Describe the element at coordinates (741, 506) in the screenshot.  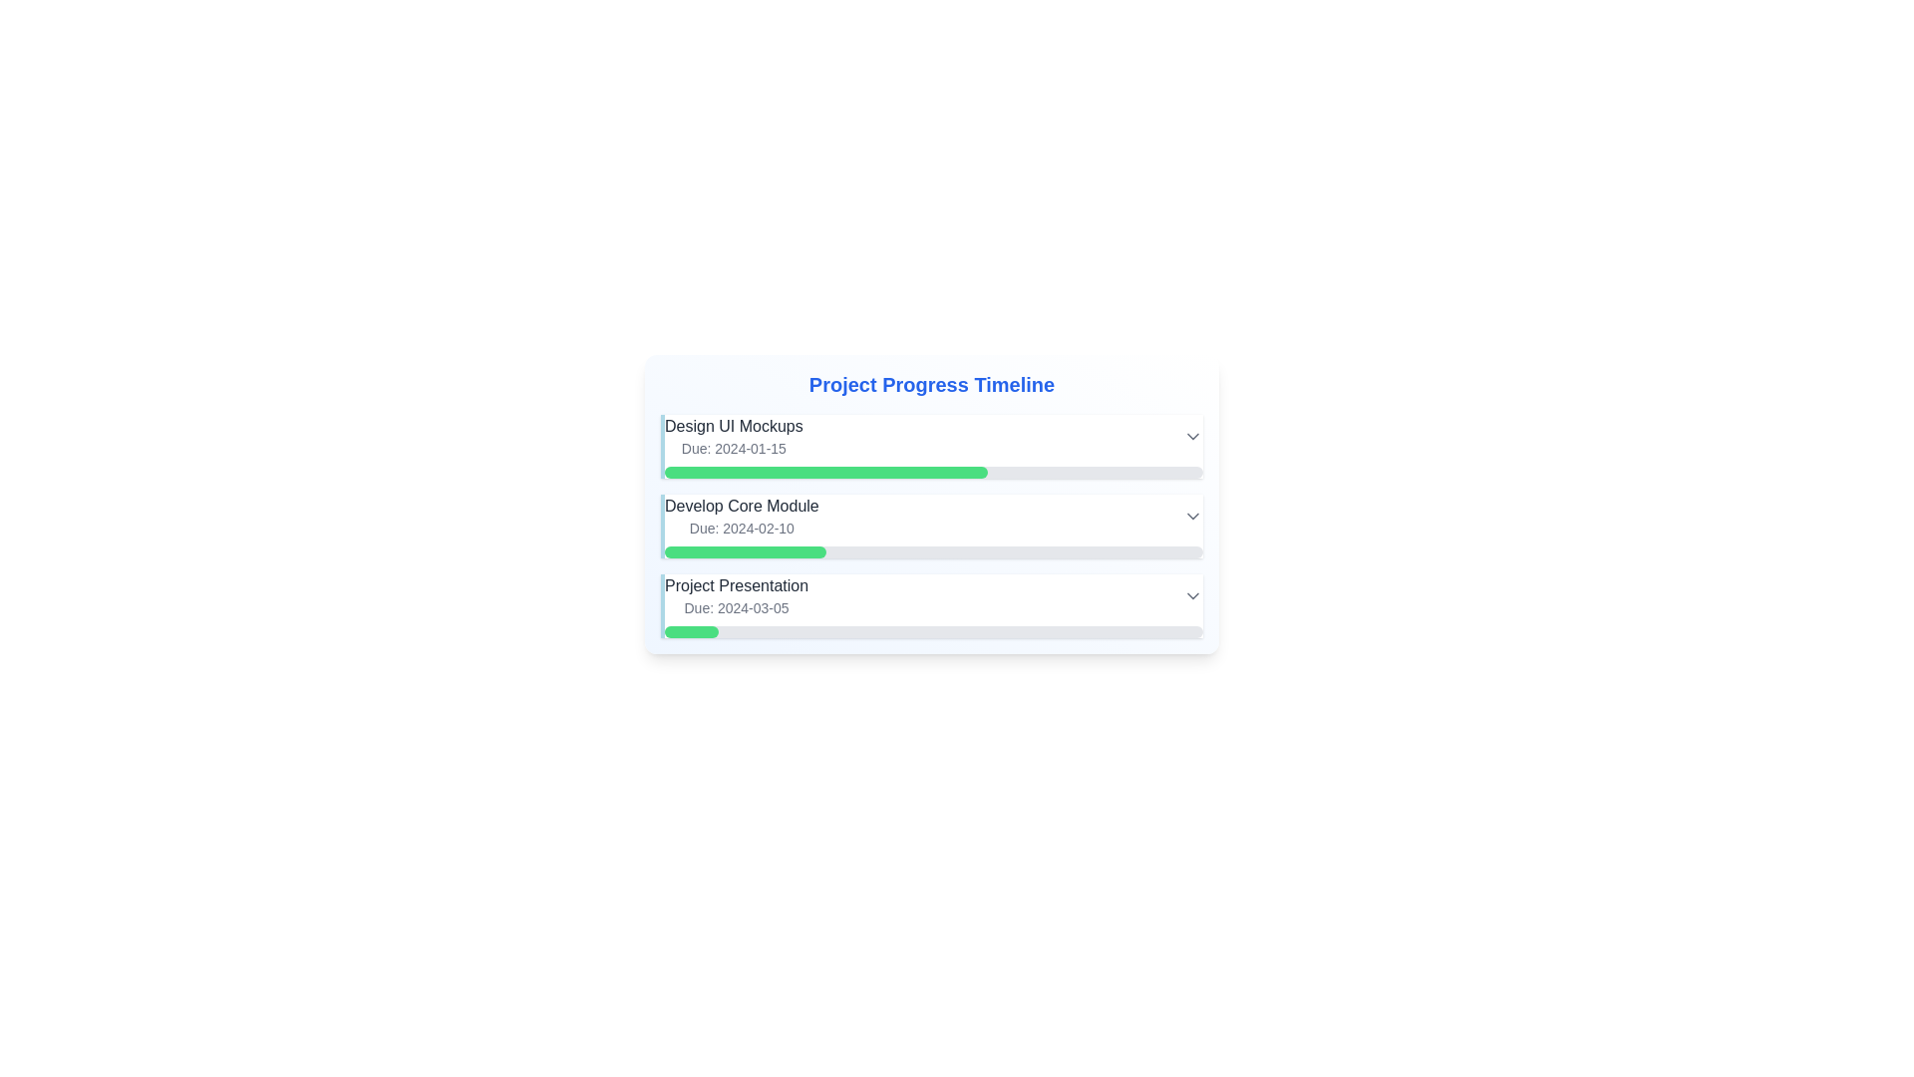
I see `the text label that indicates the task name within the project timeline, positioned between 'Design UI Mockups' and 'Project Presentation'` at that location.